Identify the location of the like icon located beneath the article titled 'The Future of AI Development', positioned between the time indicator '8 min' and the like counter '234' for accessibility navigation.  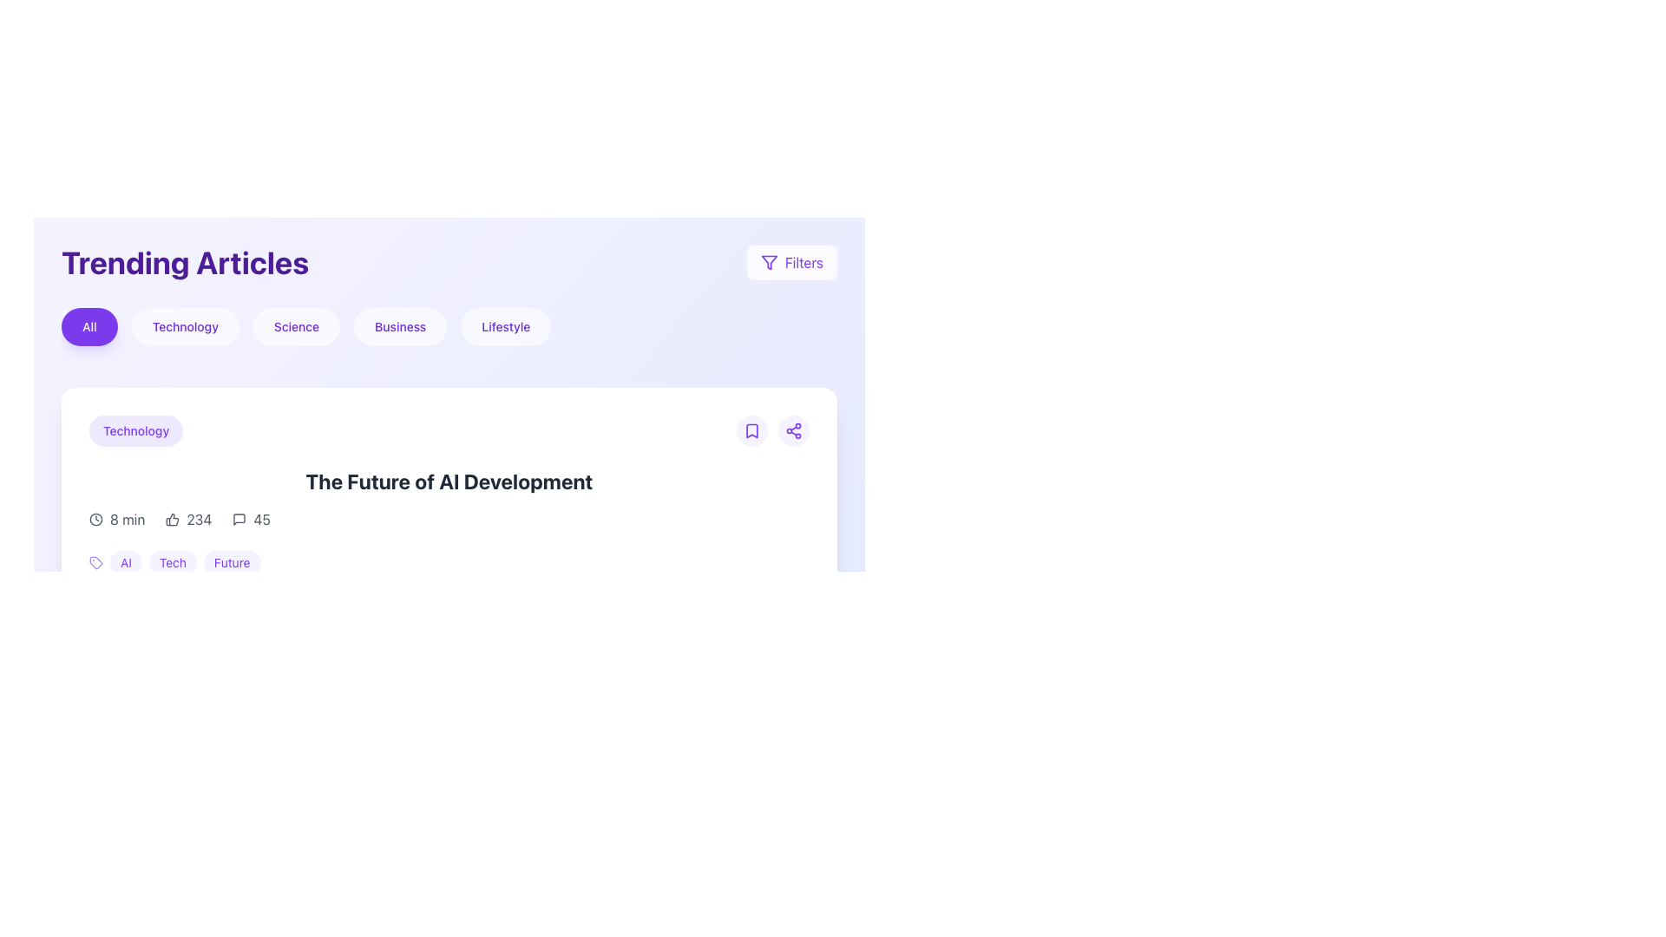
(173, 518).